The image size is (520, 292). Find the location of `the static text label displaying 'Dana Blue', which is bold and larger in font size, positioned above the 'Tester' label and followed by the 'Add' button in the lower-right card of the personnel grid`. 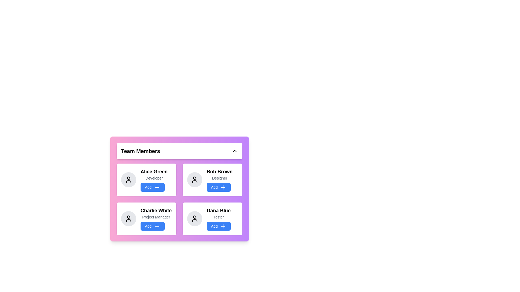

the static text label displaying 'Dana Blue', which is bold and larger in font size, positioned above the 'Tester' label and followed by the 'Add' button in the lower-right card of the personnel grid is located at coordinates (219, 210).